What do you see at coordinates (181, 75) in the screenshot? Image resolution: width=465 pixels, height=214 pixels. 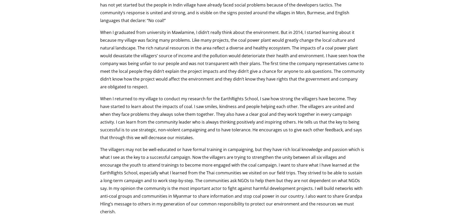 I see `'Litigation and Legal Advocacy'` at bounding box center [181, 75].